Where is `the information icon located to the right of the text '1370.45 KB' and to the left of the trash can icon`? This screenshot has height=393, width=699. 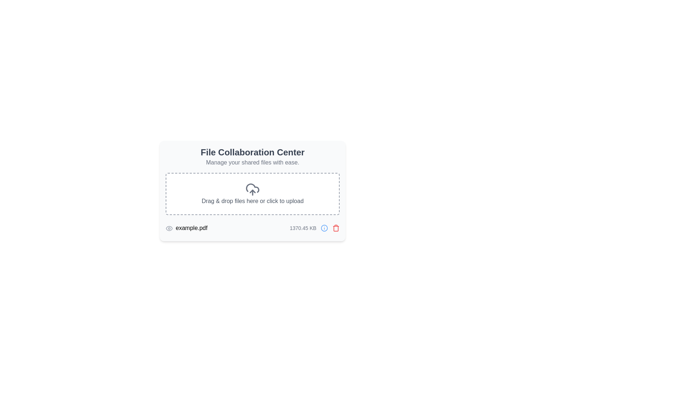 the information icon located to the right of the text '1370.45 KB' and to the left of the trash can icon is located at coordinates (324, 228).